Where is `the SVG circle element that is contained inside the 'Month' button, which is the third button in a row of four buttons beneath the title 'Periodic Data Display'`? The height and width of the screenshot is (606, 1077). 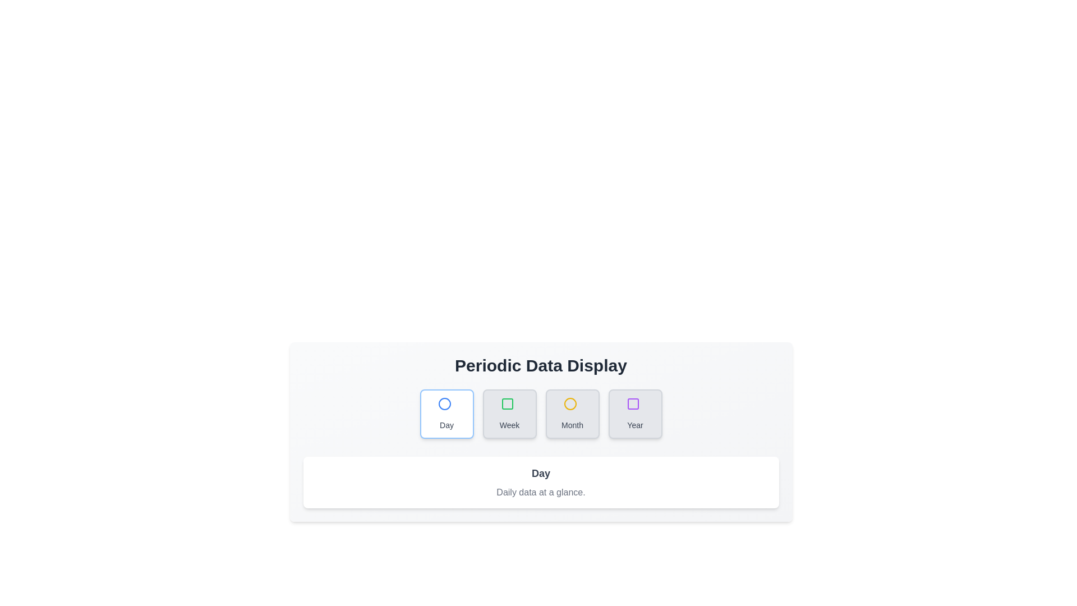
the SVG circle element that is contained inside the 'Month' button, which is the third button in a row of four buttons beneath the title 'Periodic Data Display' is located at coordinates (570, 404).